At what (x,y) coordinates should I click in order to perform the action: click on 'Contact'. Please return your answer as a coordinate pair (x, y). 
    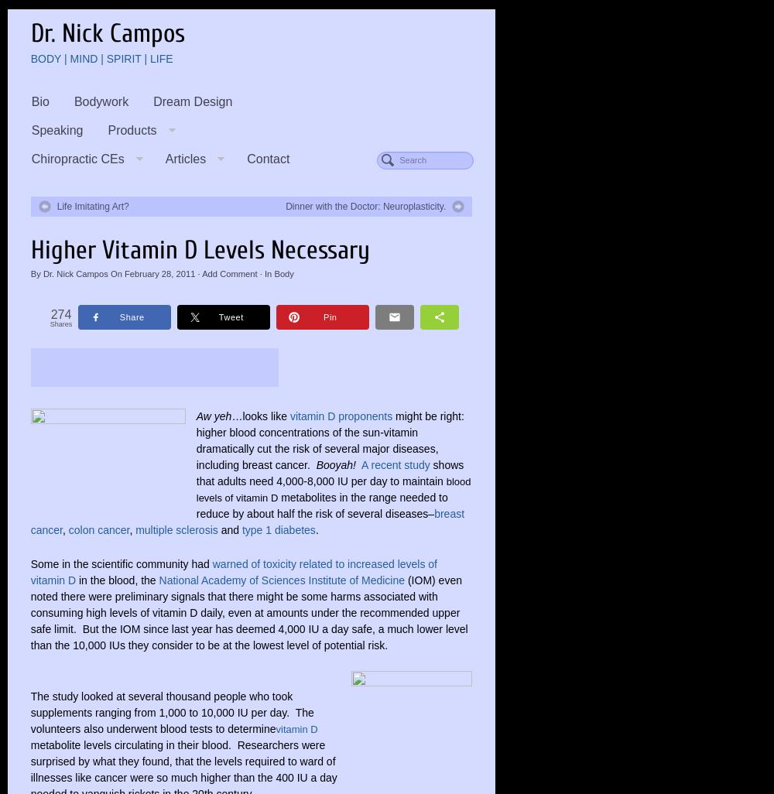
    Looking at the image, I should click on (267, 157).